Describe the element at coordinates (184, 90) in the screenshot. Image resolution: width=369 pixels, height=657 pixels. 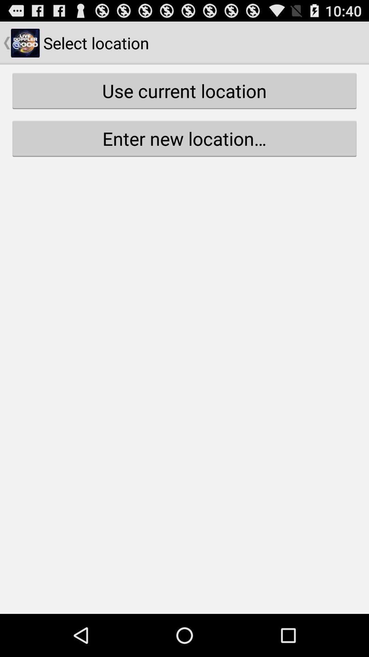
I see `use current location` at that location.